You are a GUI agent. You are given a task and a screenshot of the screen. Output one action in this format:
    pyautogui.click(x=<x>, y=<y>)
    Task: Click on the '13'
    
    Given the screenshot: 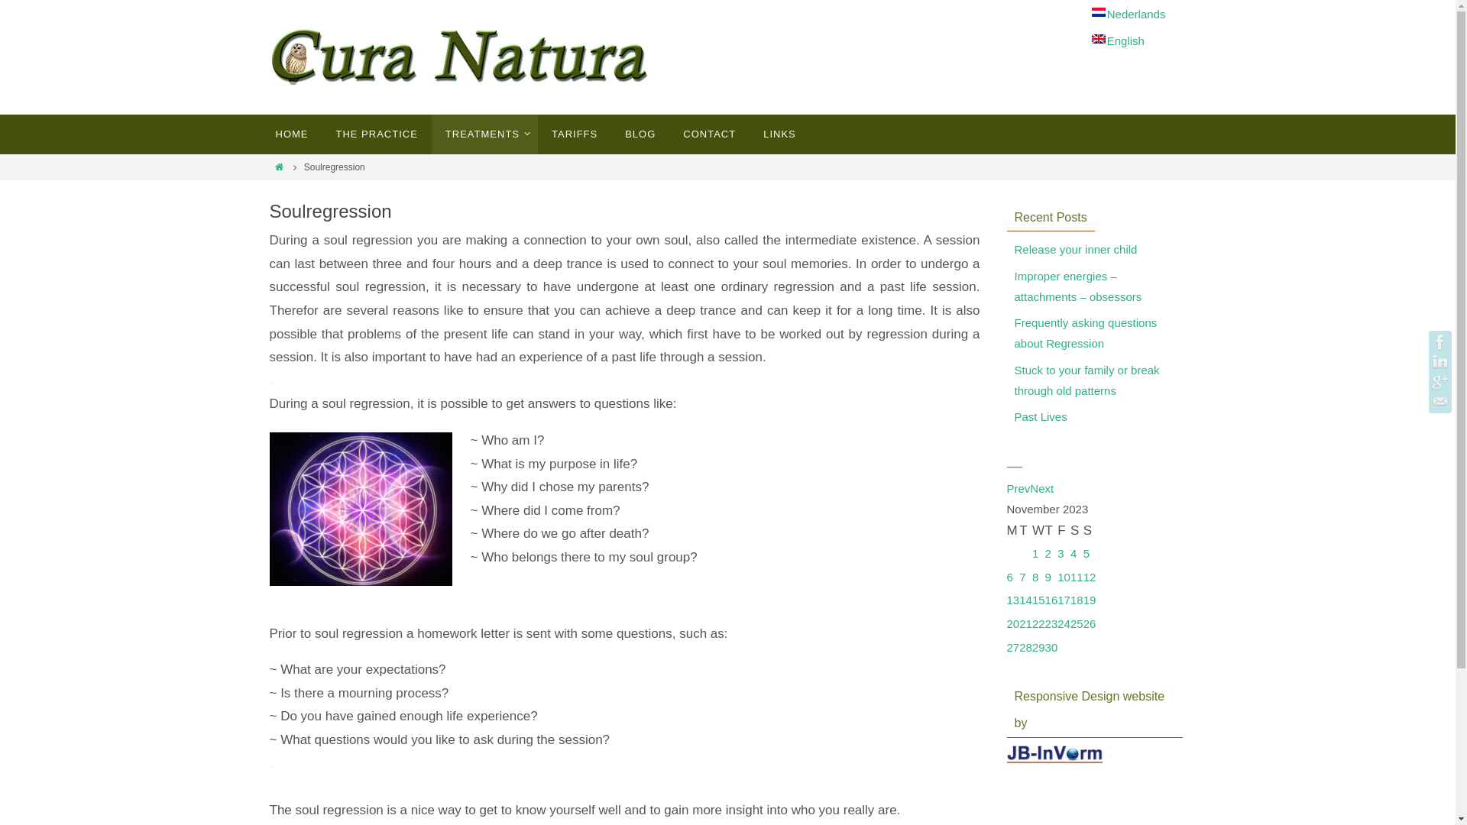 What is the action you would take?
    pyautogui.click(x=1007, y=600)
    